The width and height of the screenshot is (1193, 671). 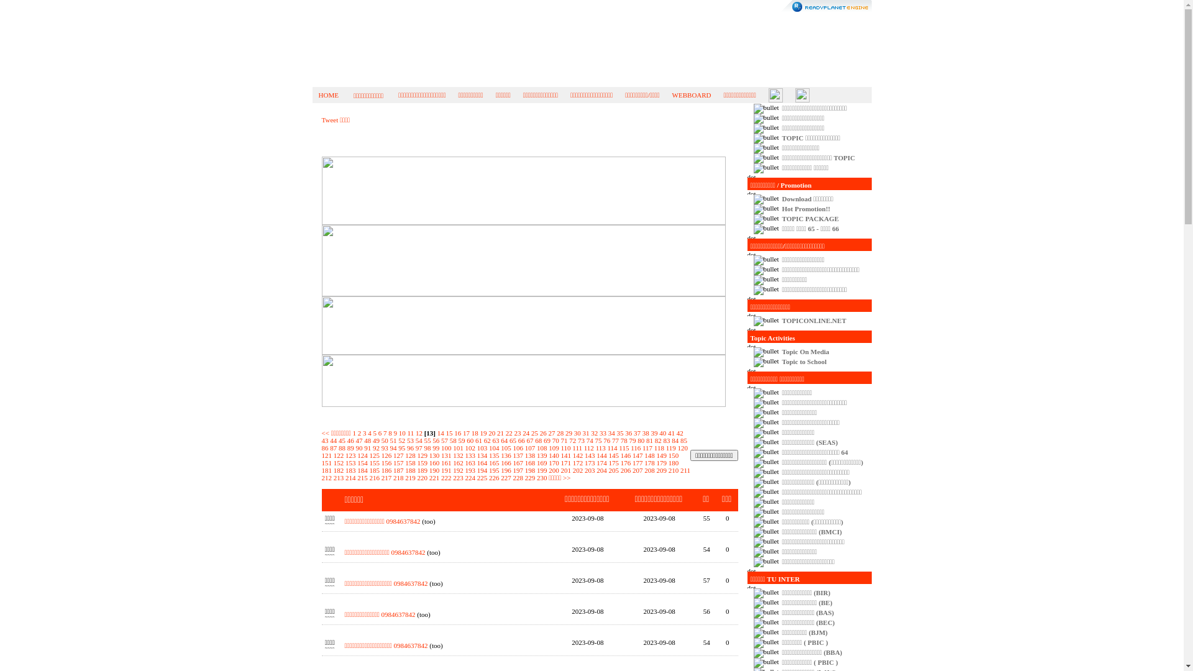 What do you see at coordinates (500, 432) in the screenshot?
I see `'21'` at bounding box center [500, 432].